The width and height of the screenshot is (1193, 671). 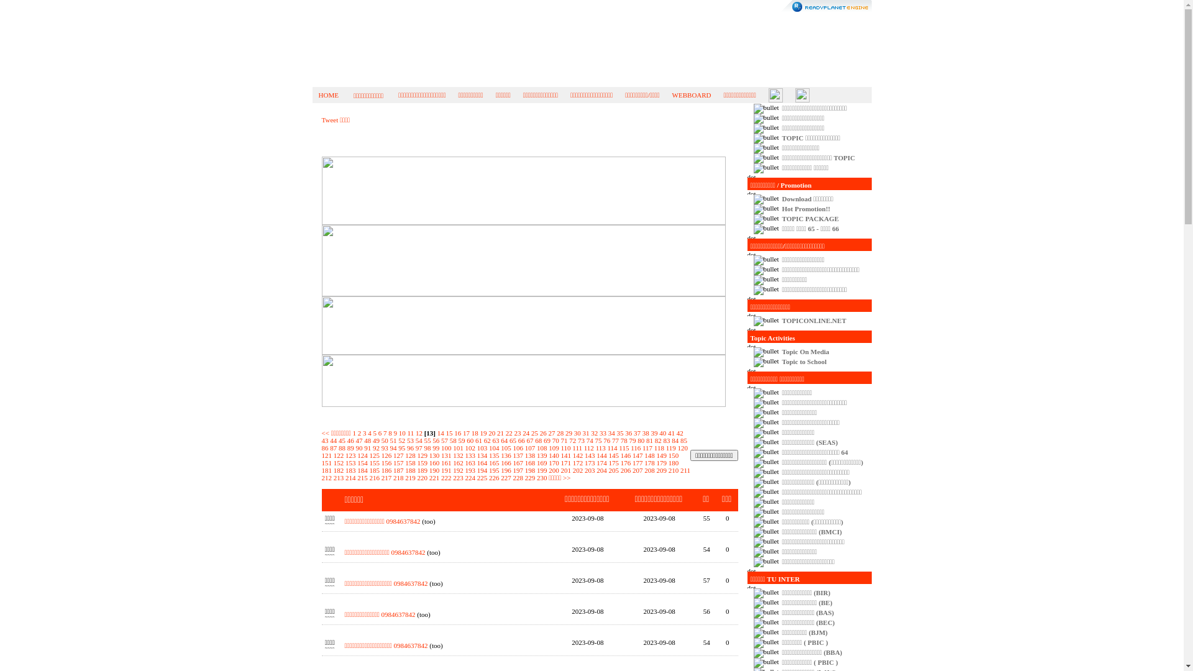 What do you see at coordinates (500, 432) in the screenshot?
I see `'21'` at bounding box center [500, 432].